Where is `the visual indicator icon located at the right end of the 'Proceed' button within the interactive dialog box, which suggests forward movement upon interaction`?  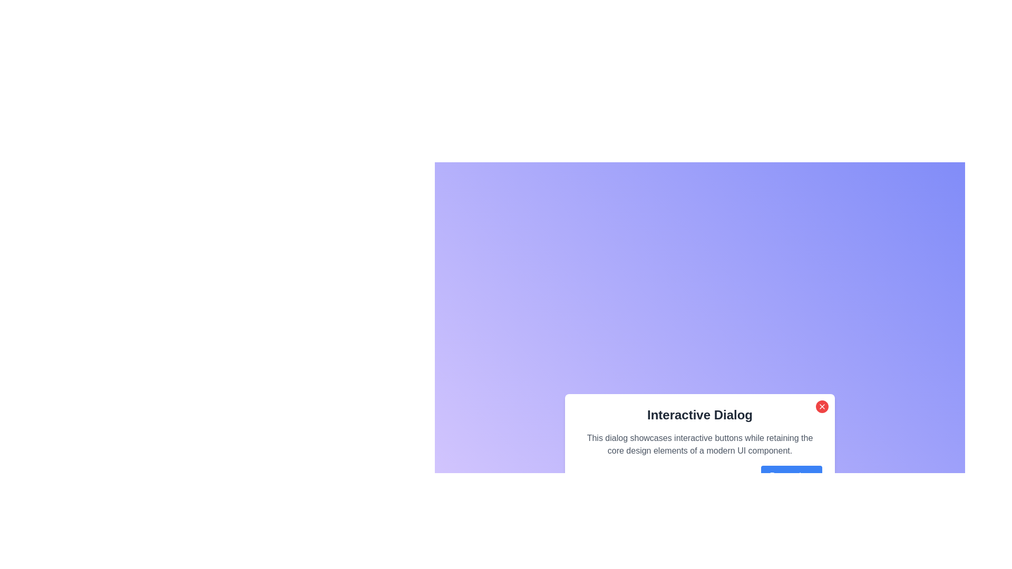 the visual indicator icon located at the right end of the 'Proceed' button within the interactive dialog box, which suggests forward movement upon interaction is located at coordinates (809, 476).